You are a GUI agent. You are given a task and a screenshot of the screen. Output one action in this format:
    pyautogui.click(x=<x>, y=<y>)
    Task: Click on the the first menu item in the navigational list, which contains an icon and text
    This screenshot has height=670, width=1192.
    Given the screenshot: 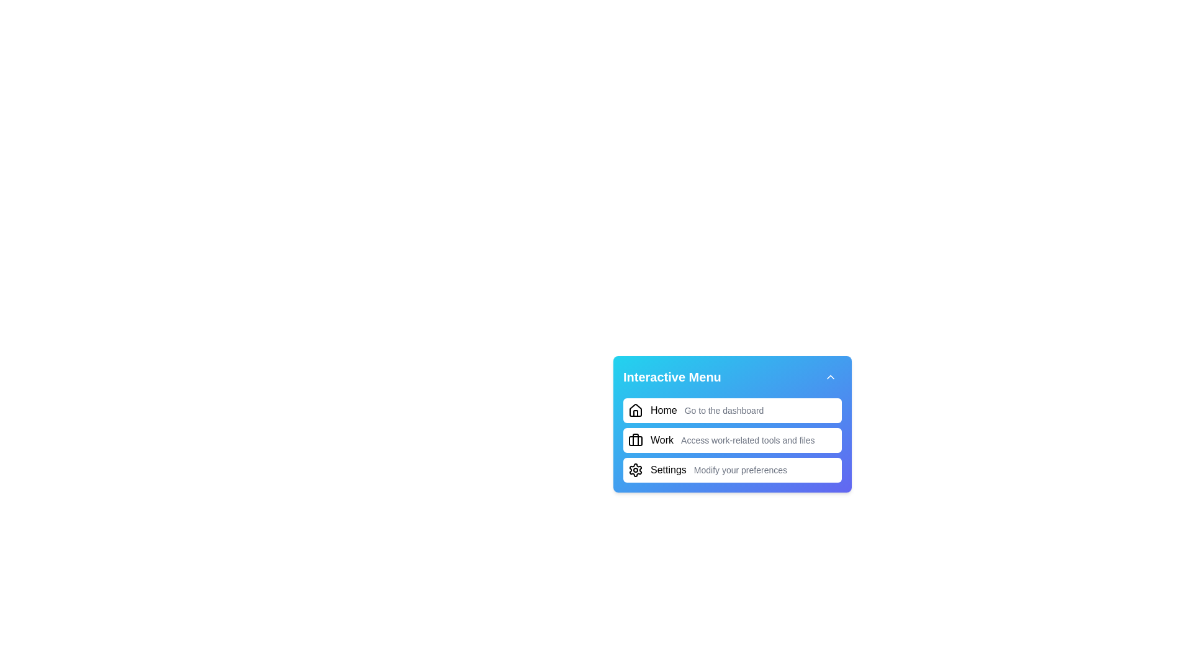 What is the action you would take?
    pyautogui.click(x=733, y=411)
    